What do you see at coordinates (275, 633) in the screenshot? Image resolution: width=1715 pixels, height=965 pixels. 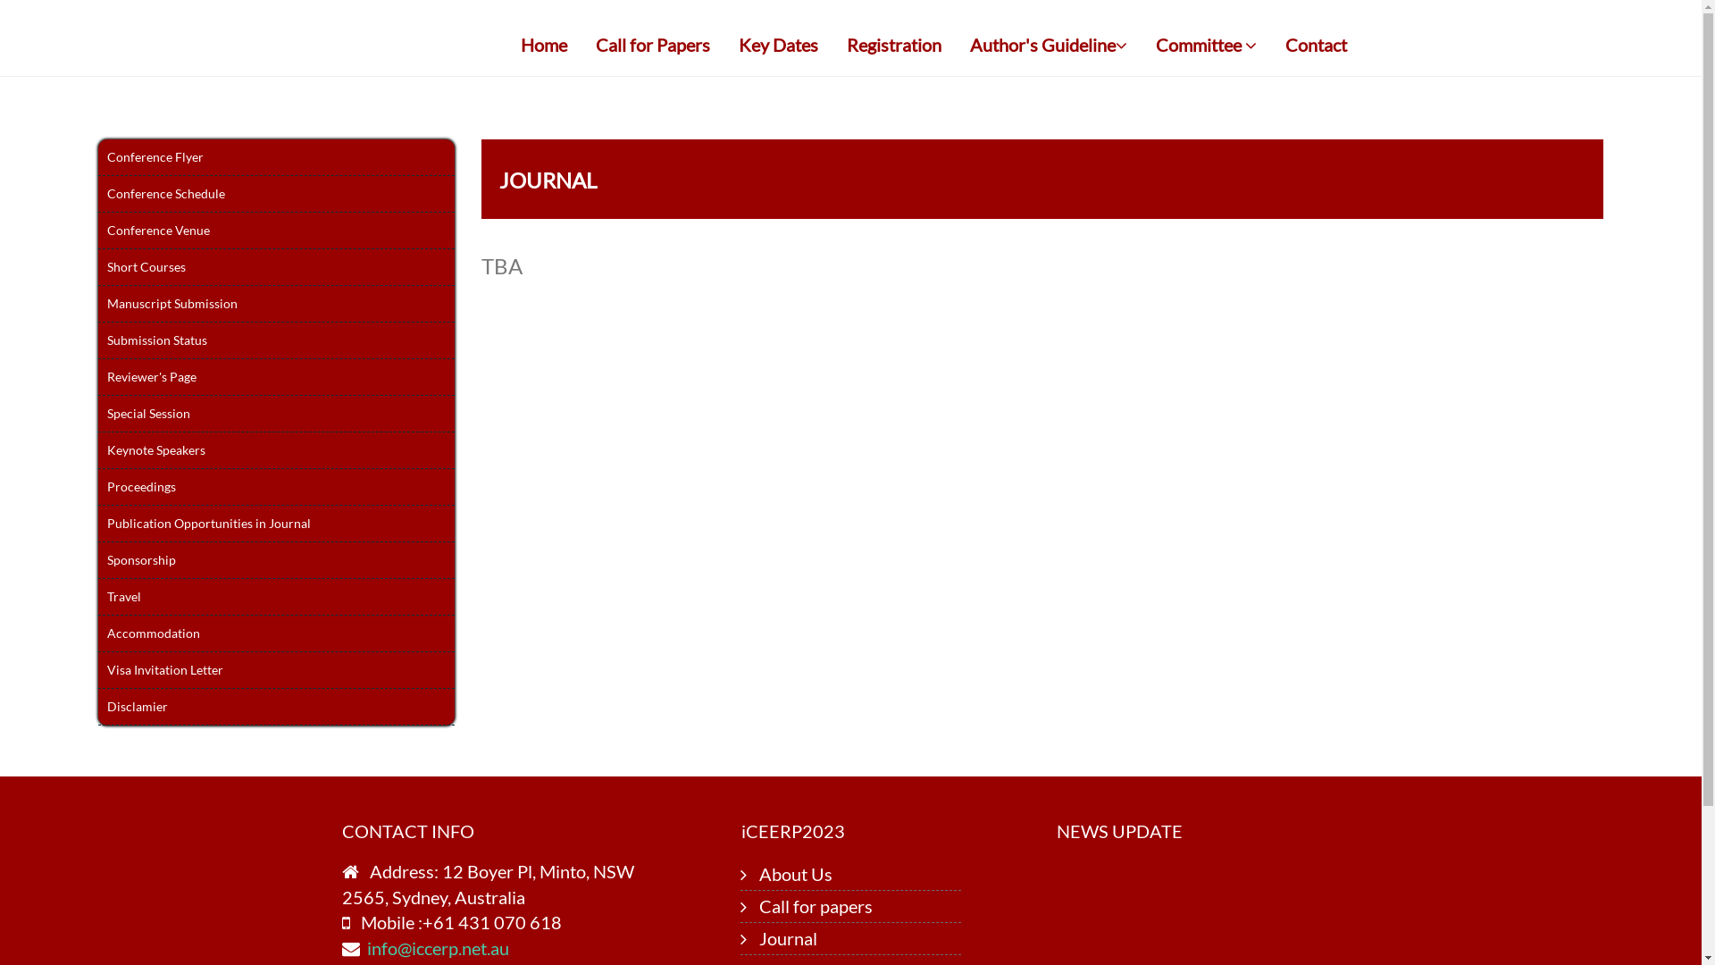 I see `'Accommodation'` at bounding box center [275, 633].